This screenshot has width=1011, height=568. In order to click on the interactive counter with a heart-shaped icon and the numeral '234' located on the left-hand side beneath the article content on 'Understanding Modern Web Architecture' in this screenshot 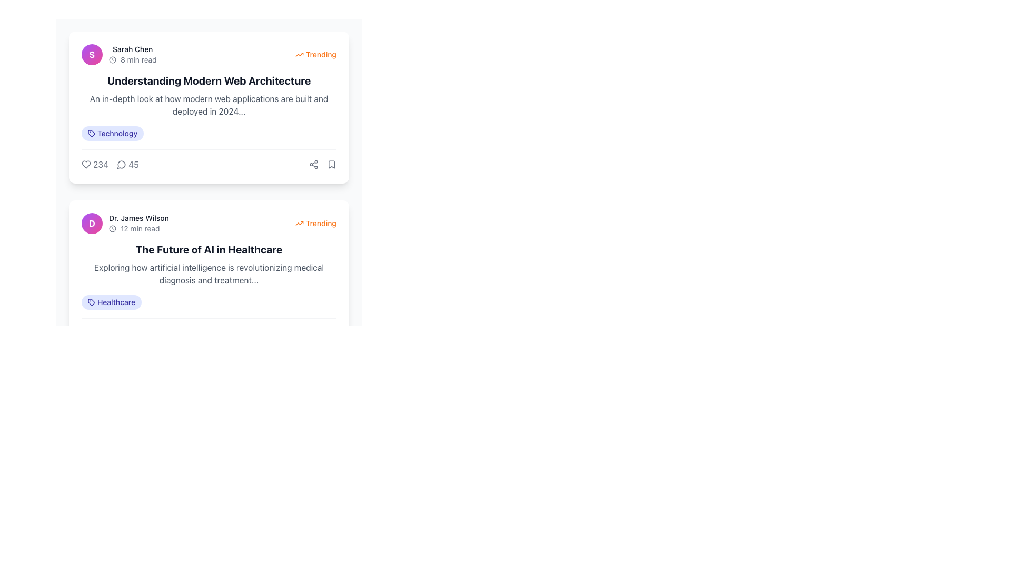, I will do `click(95, 164)`.